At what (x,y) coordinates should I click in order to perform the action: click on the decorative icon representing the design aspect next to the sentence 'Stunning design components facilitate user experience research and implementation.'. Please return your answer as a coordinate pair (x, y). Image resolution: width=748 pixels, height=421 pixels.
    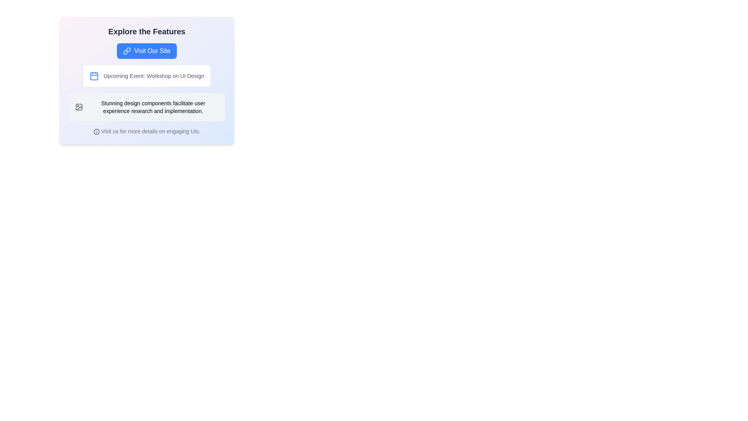
    Looking at the image, I should click on (79, 107).